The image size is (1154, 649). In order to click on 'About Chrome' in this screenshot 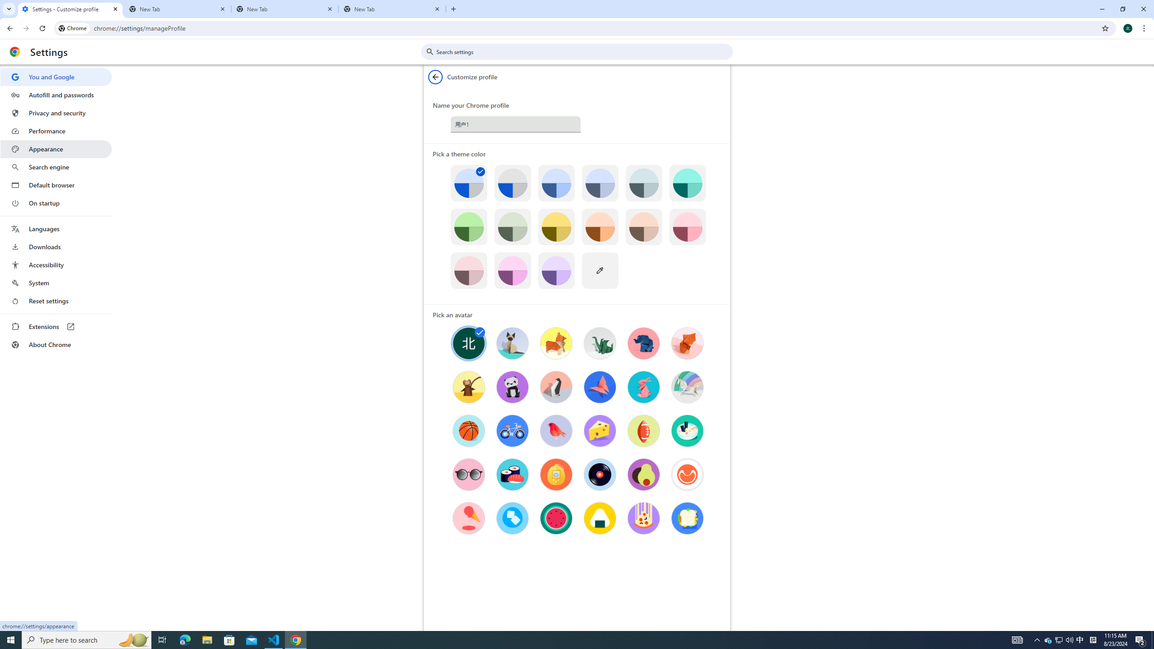, I will do `click(55, 344)`.